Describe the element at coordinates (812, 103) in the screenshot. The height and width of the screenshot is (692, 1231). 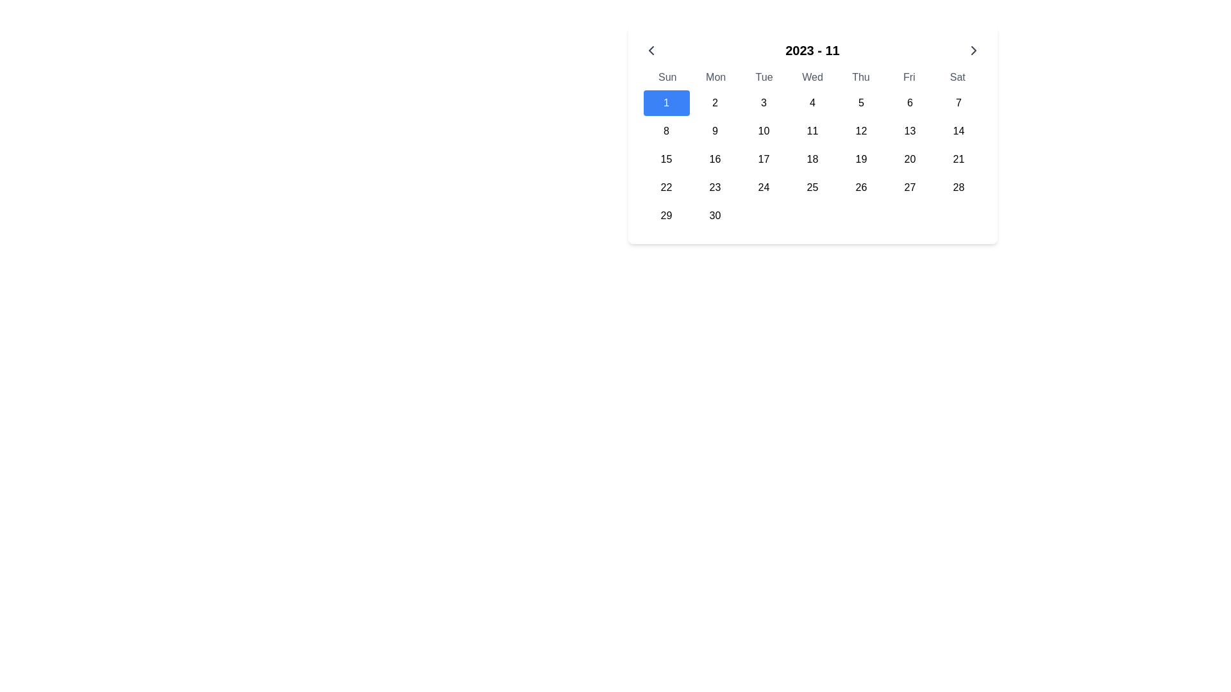
I see `the button representing the date '4' in the calendar interface` at that location.